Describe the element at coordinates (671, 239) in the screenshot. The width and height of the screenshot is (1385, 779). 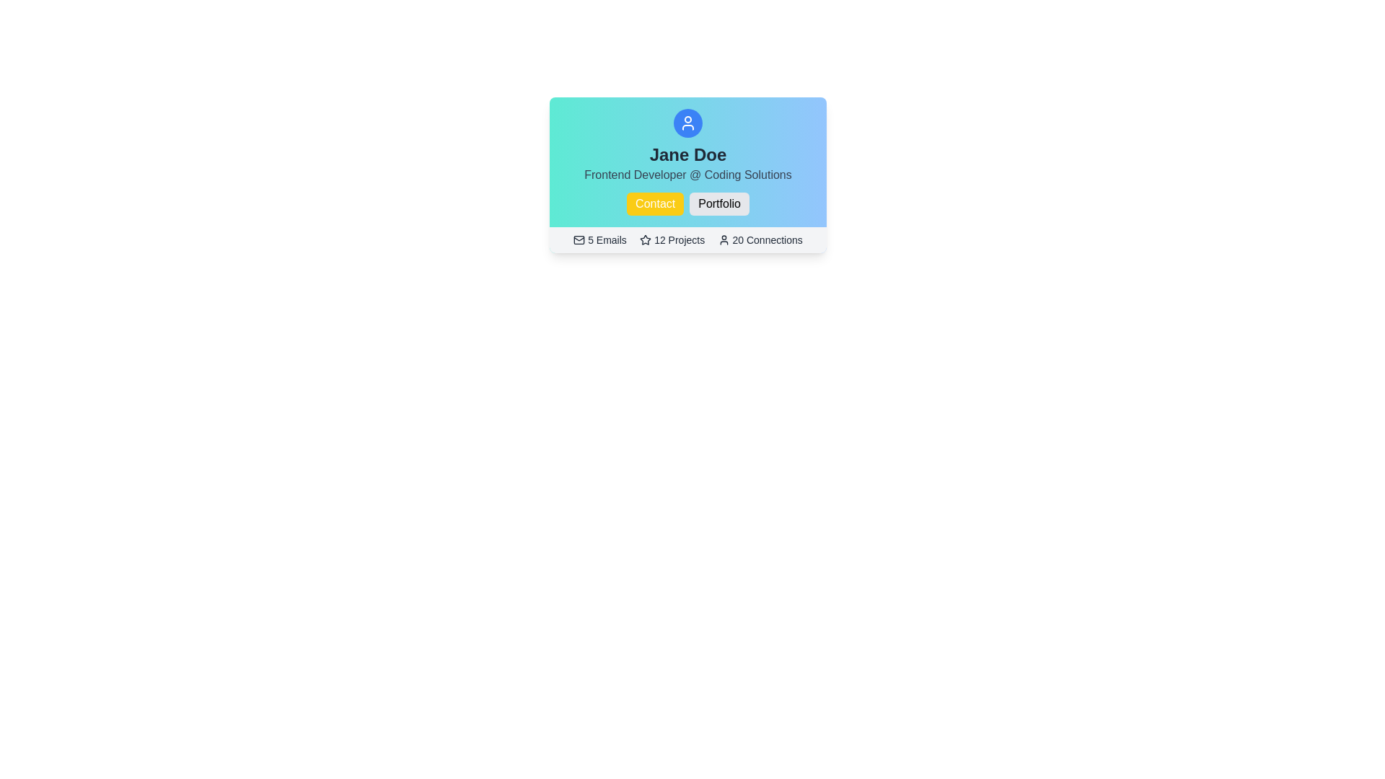
I see `the Label with an Icon displaying '12 Projects', which features a star icon and is positioned between '5 Emails' and '20 Connections' in the user profile card` at that location.